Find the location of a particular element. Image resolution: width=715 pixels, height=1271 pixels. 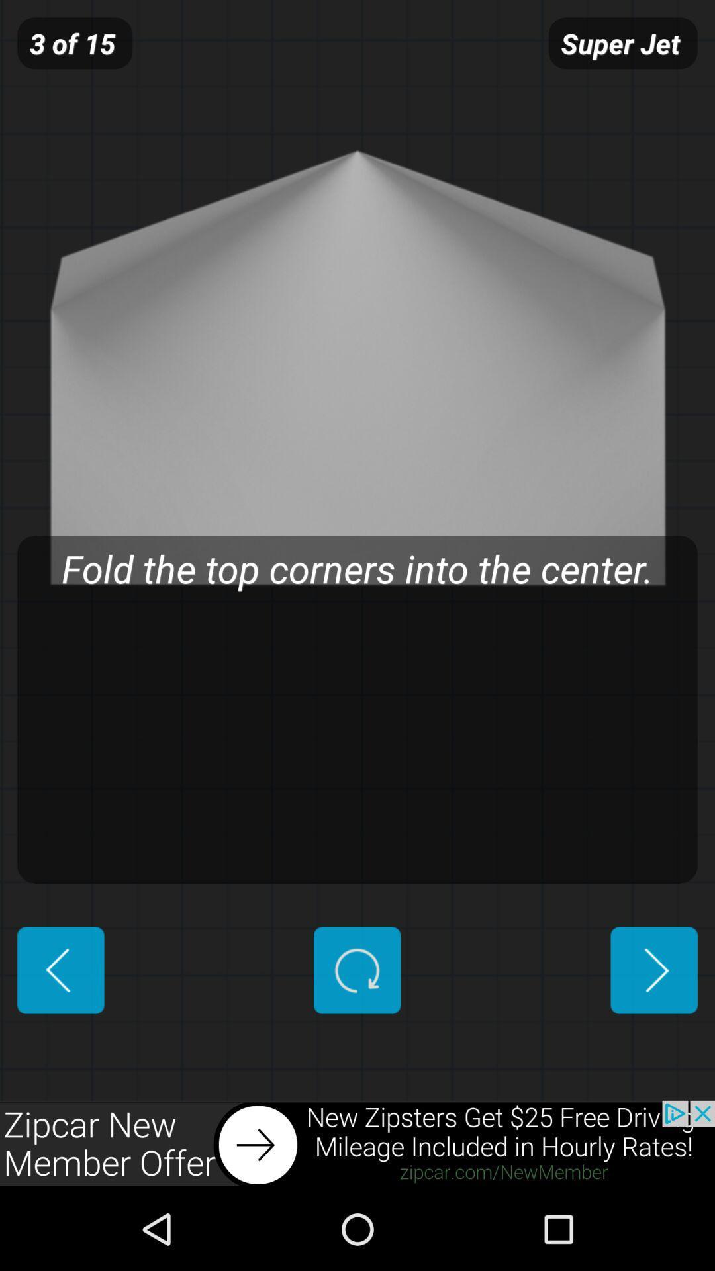

reload is located at coordinates (356, 970).